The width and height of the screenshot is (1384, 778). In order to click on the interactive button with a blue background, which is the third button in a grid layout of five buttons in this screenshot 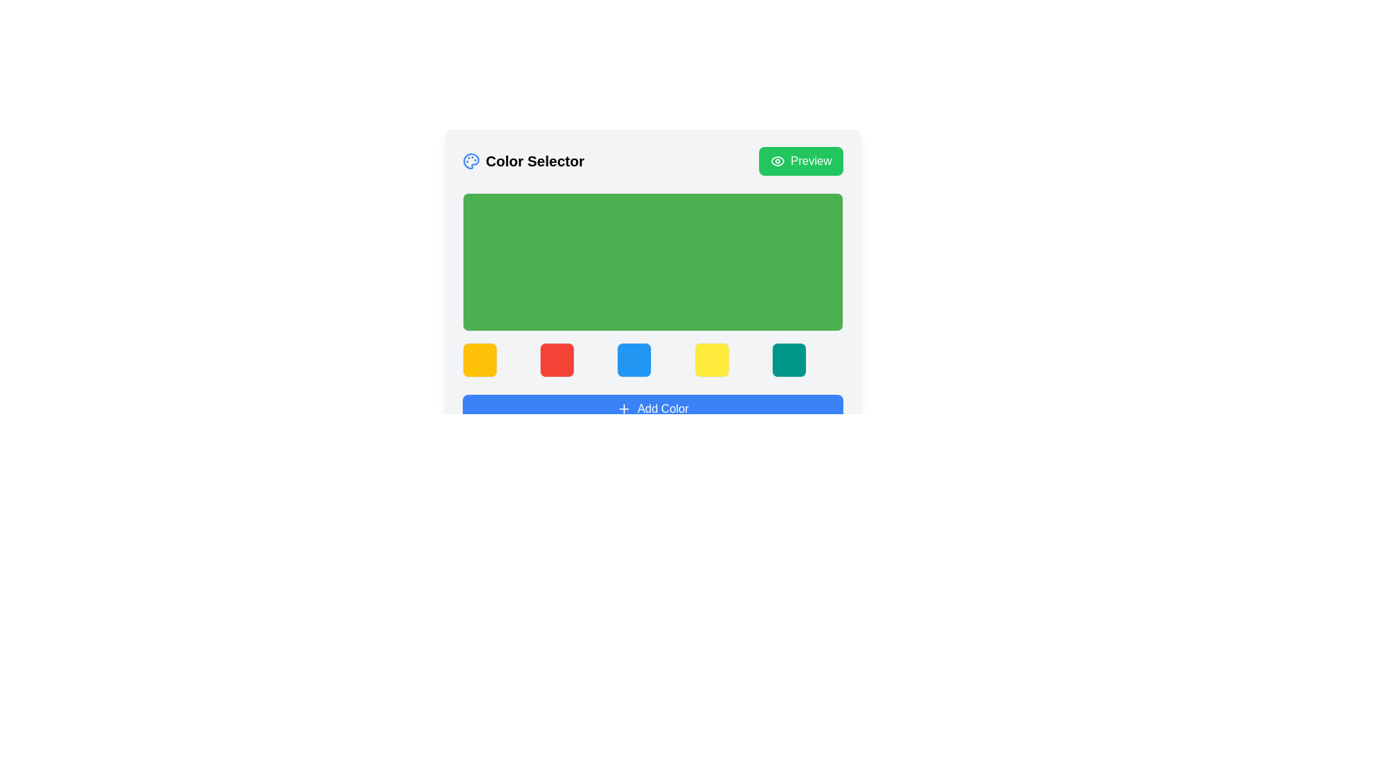, I will do `click(652, 359)`.